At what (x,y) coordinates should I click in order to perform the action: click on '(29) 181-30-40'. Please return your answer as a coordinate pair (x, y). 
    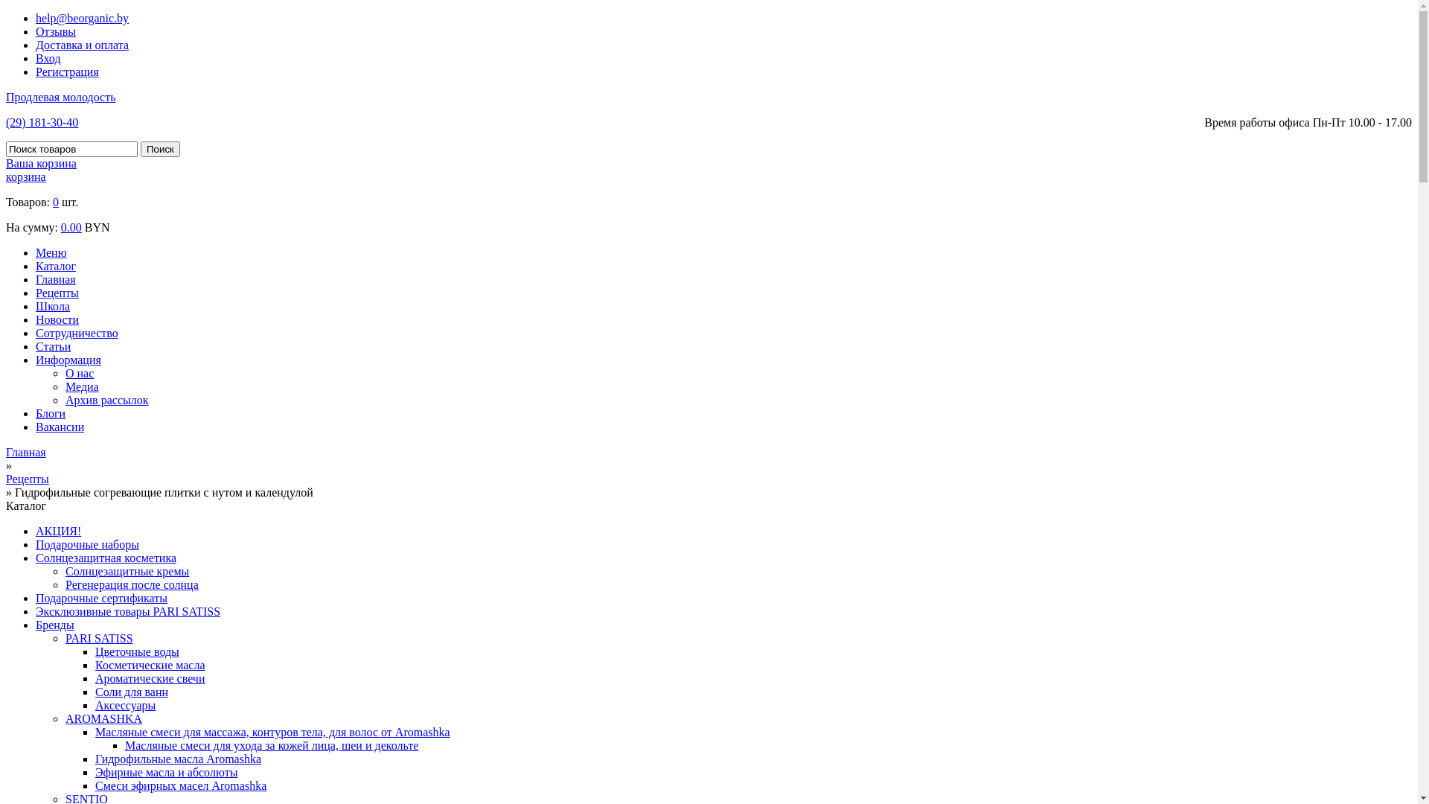
    Looking at the image, I should click on (42, 121).